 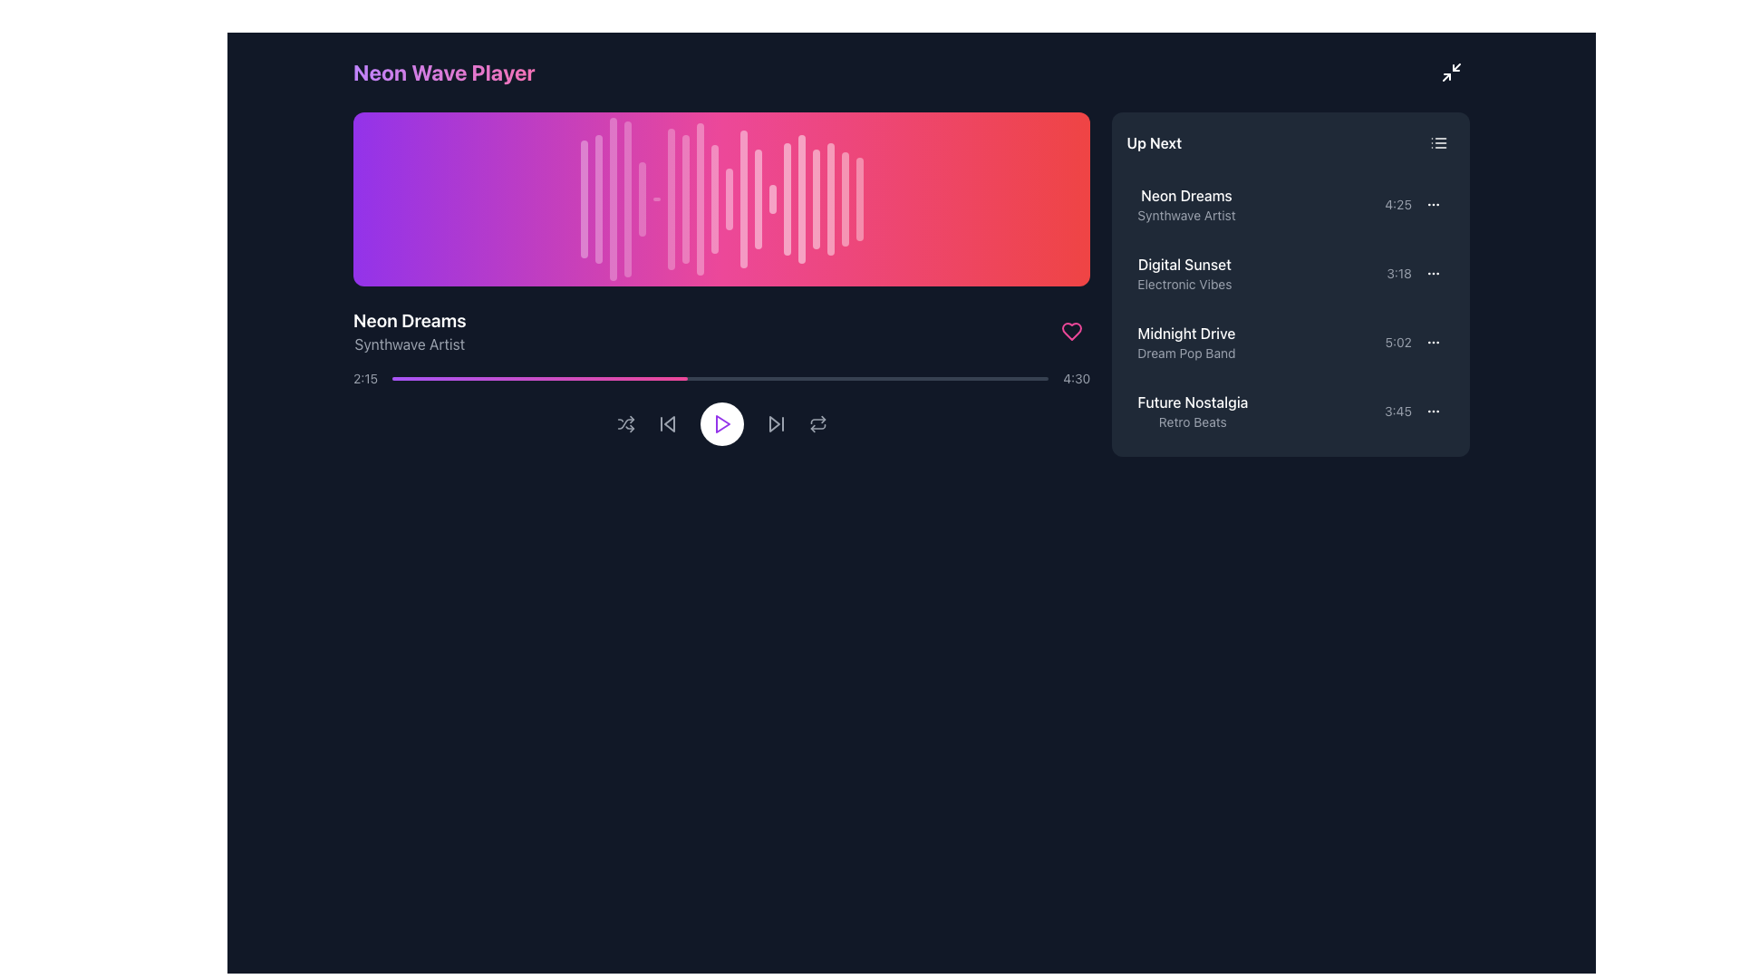 What do you see at coordinates (1432, 343) in the screenshot?
I see `the options menu icon button represented by three vertical dots located in the 'Up Next' section next to 'Midnight Drive'` at bounding box center [1432, 343].